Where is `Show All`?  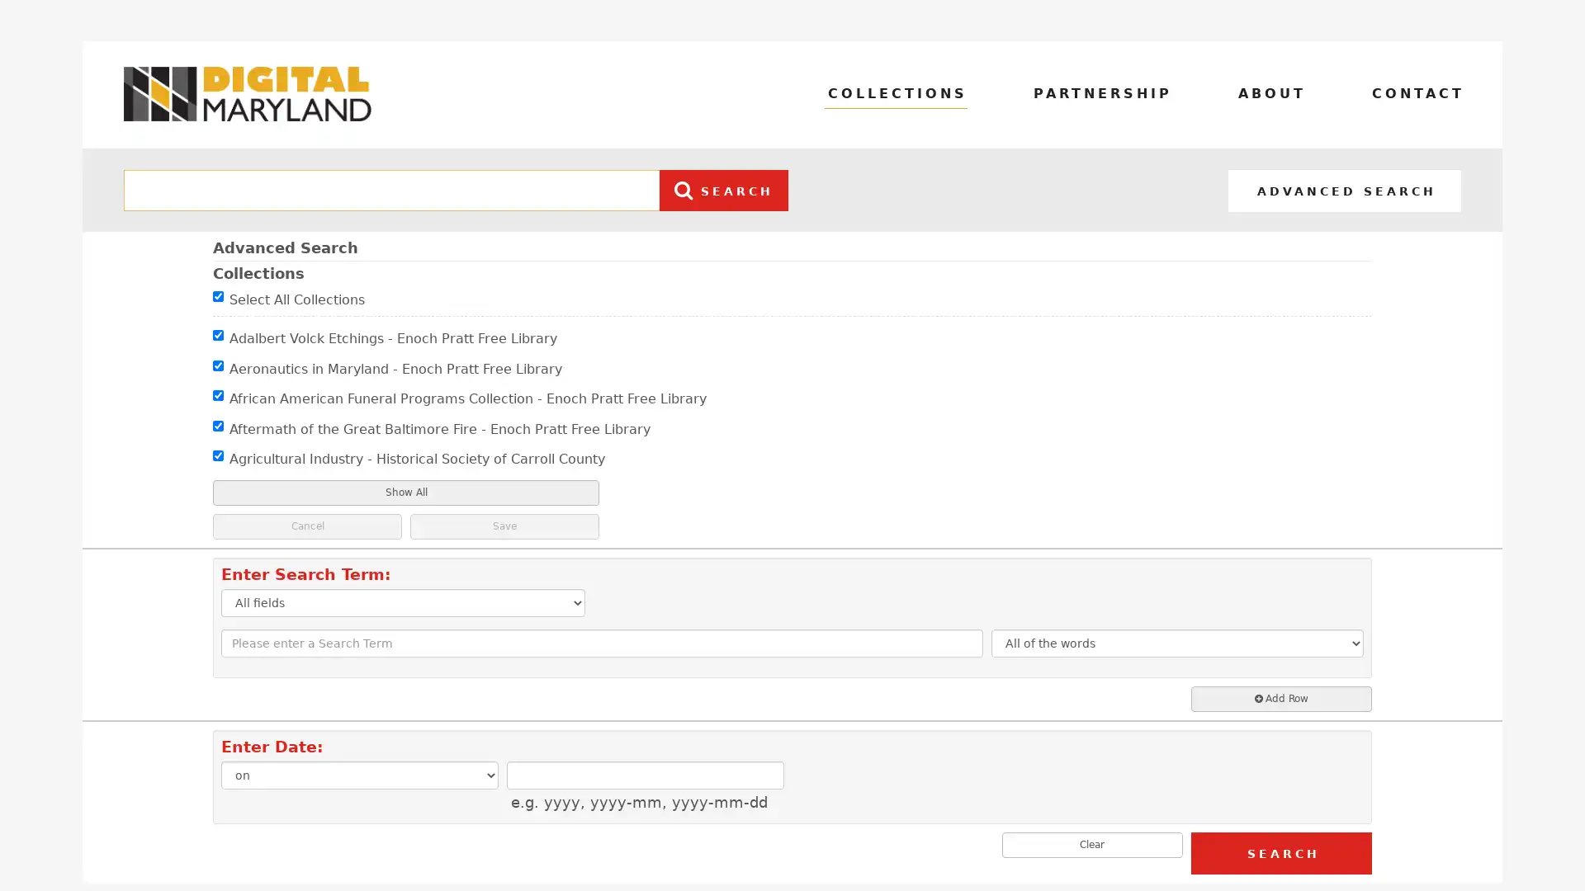
Show All is located at coordinates (405, 491).